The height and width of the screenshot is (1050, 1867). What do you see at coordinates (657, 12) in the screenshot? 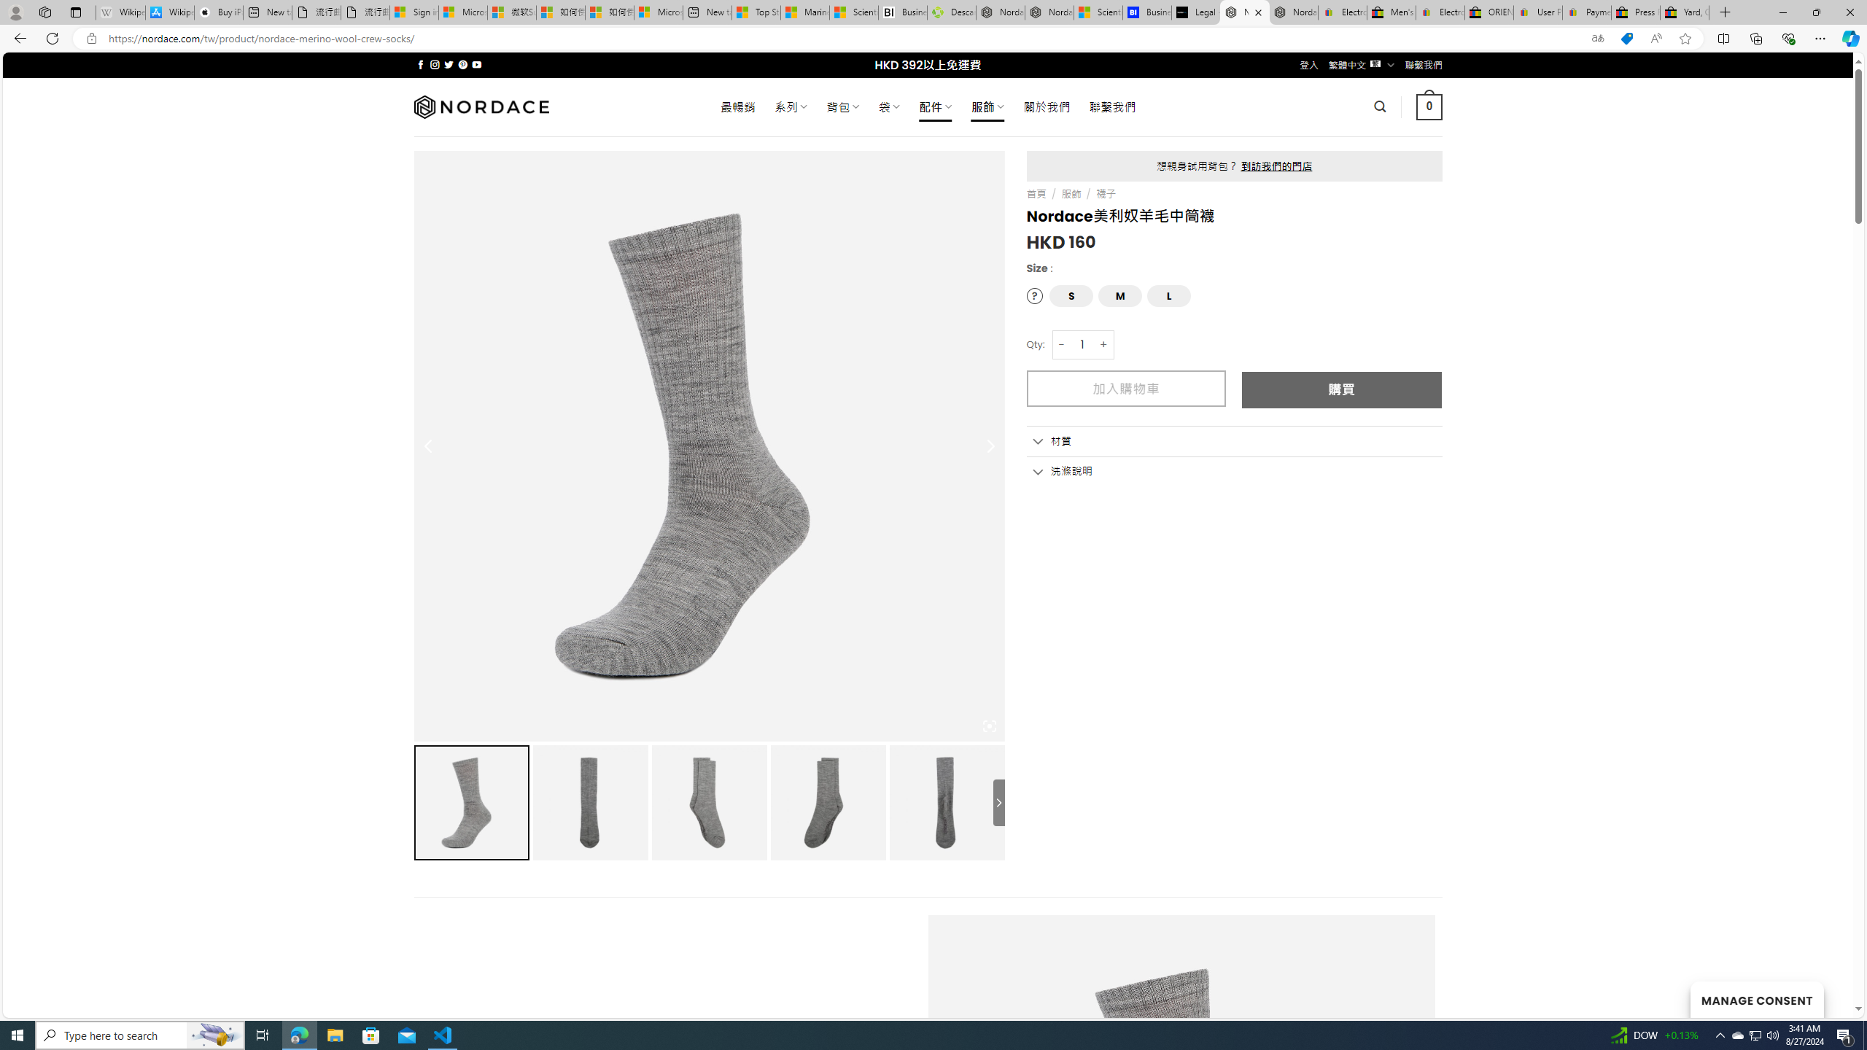
I see `'Microsoft account | Account Checkup'` at bounding box center [657, 12].